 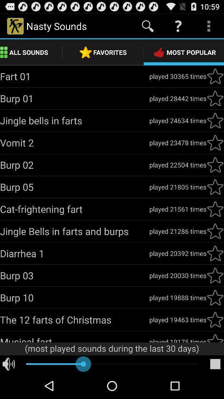 What do you see at coordinates (215, 253) in the screenshot?
I see `to favorites` at bounding box center [215, 253].